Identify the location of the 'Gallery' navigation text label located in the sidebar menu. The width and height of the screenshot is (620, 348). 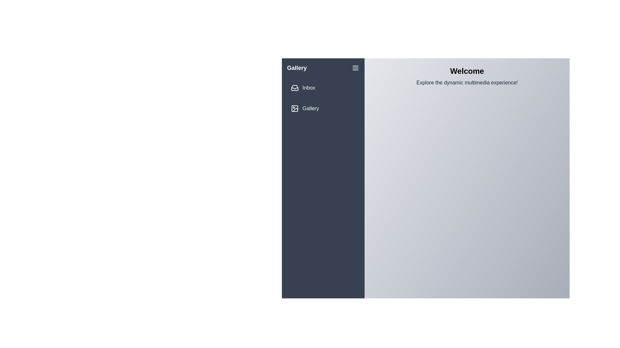
(310, 108).